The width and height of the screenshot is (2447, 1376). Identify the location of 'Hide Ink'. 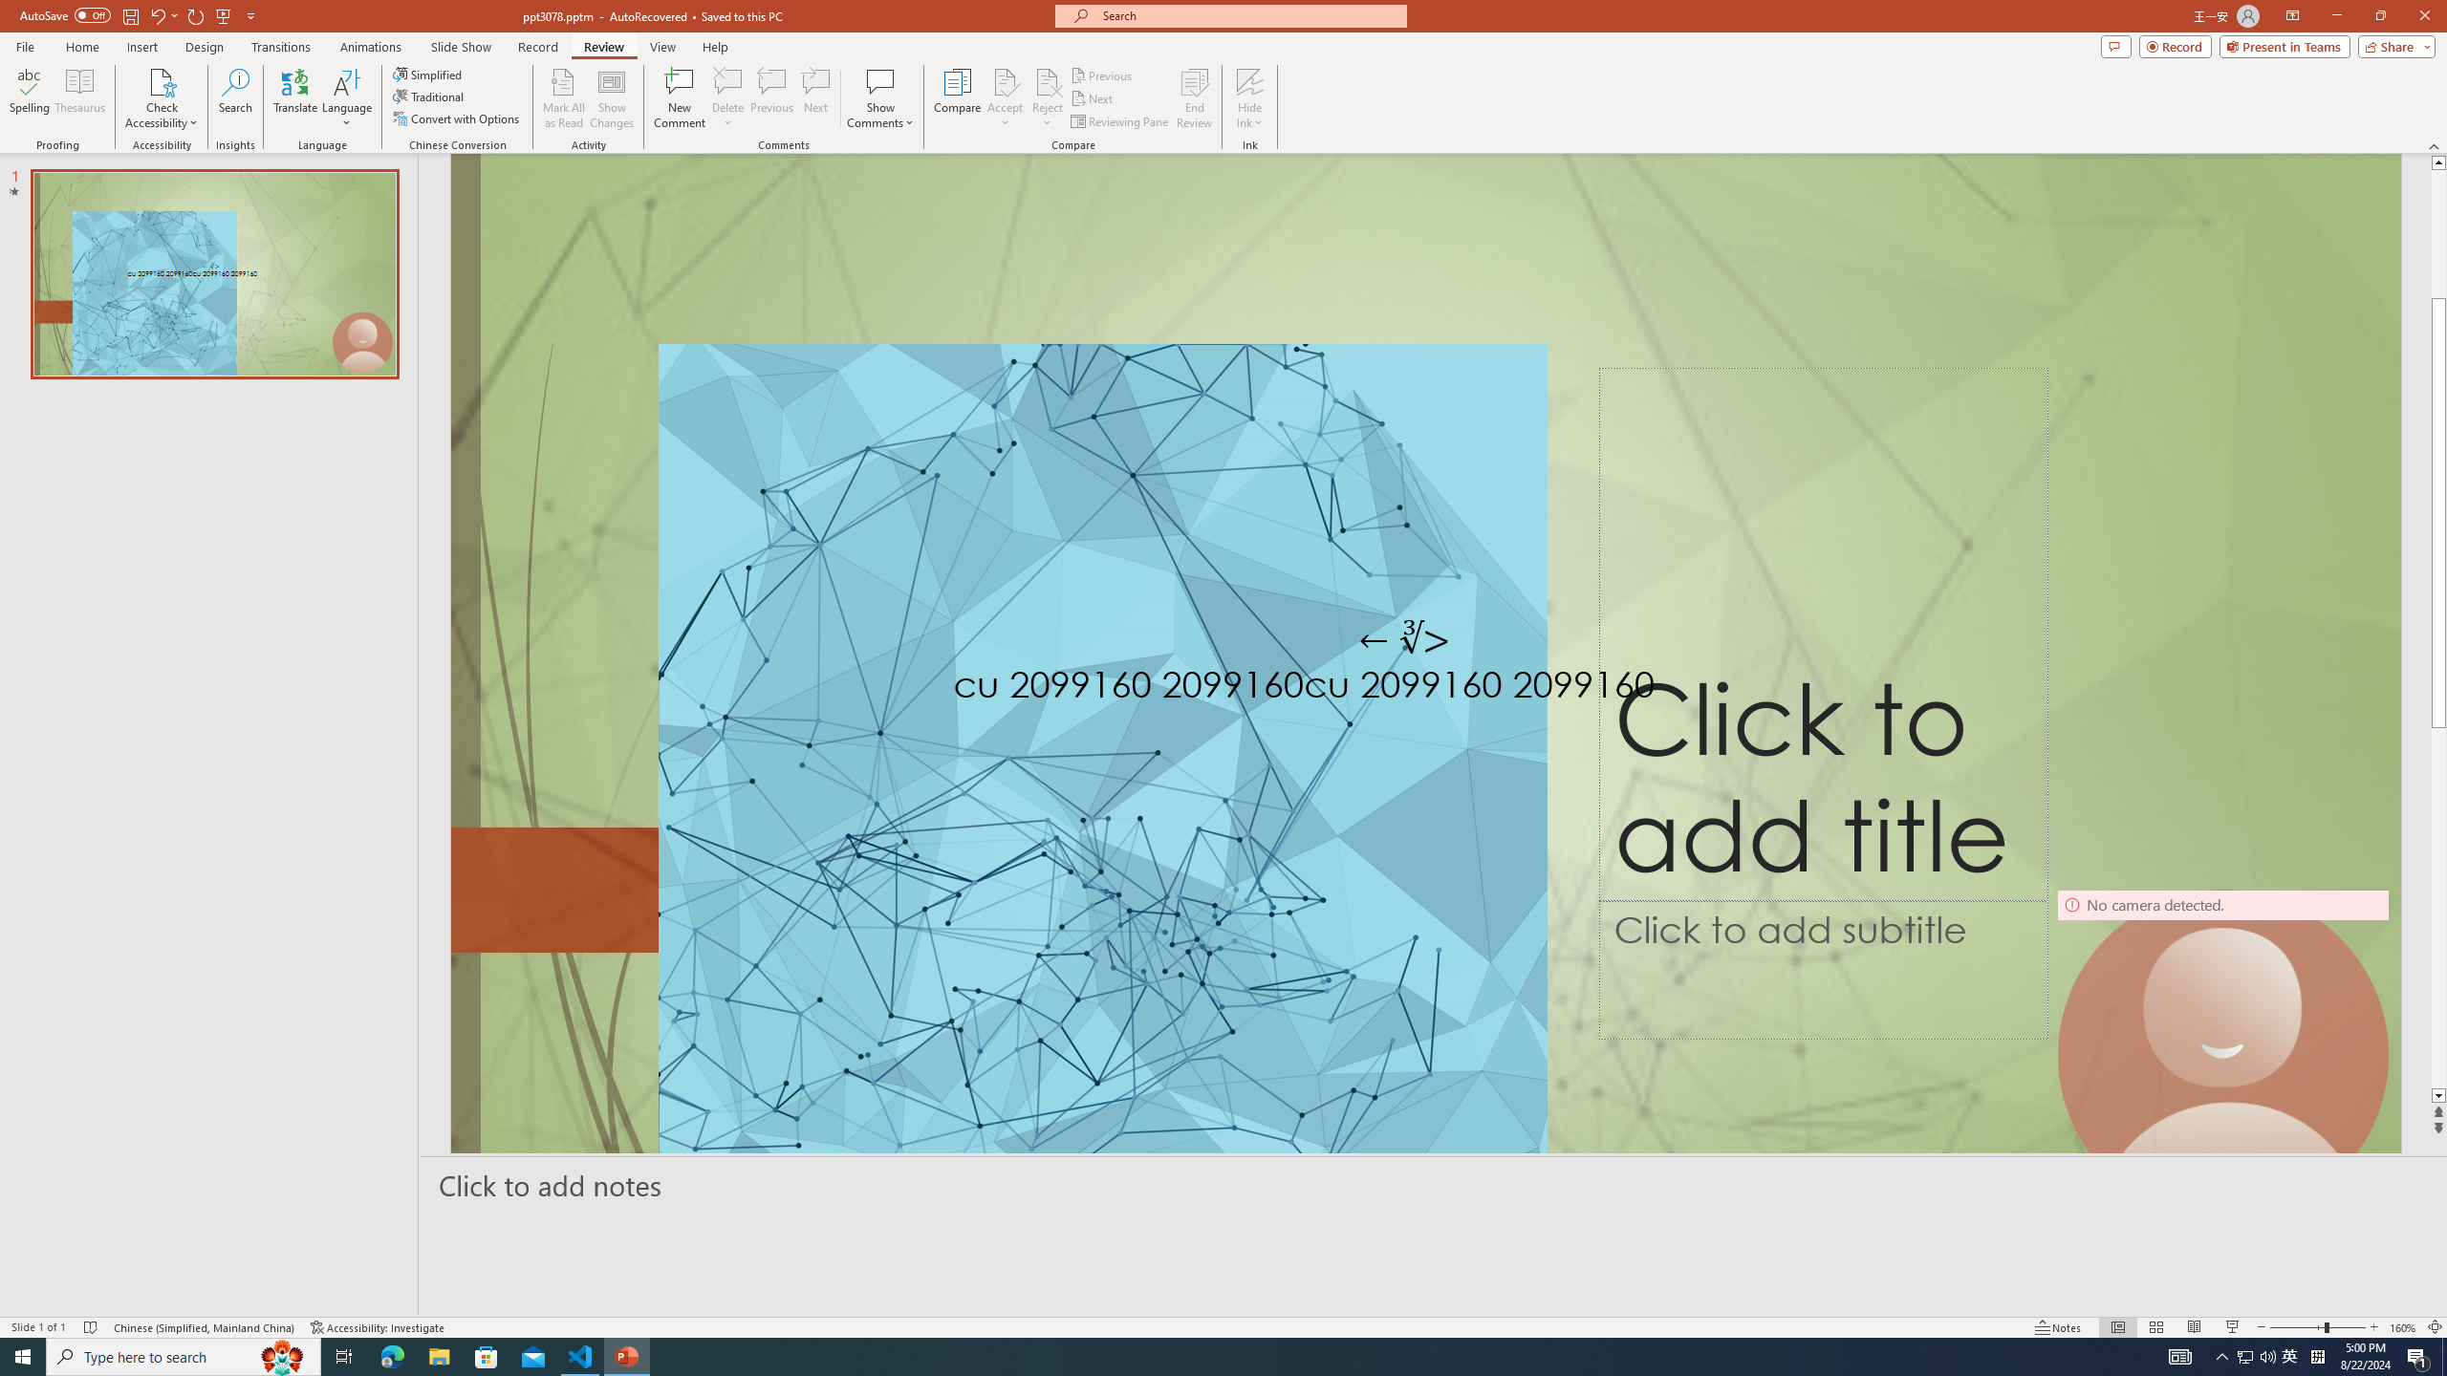
(1250, 80).